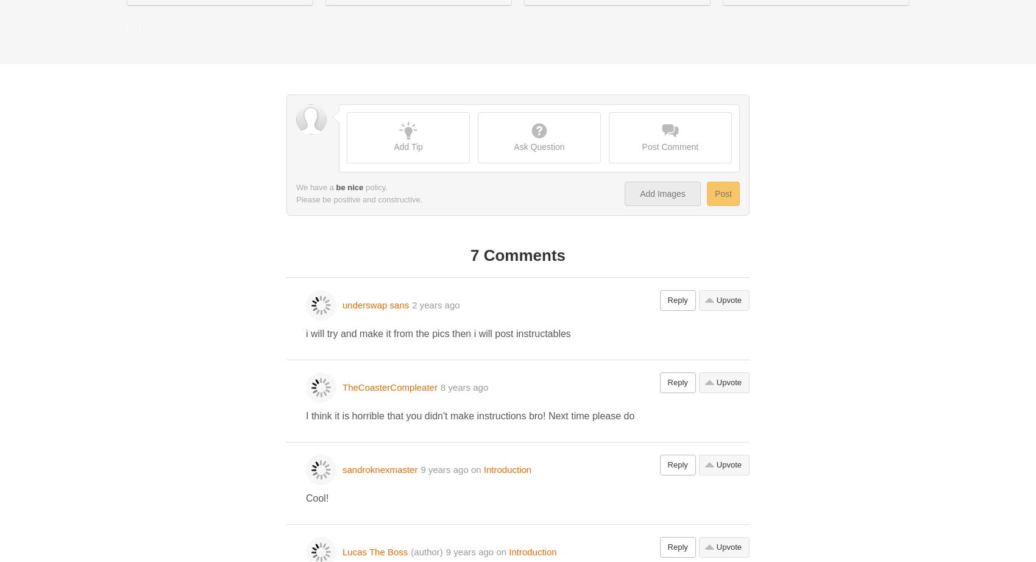 The image size is (1036, 562). What do you see at coordinates (374, 551) in the screenshot?
I see `'Lucas The Boss'` at bounding box center [374, 551].